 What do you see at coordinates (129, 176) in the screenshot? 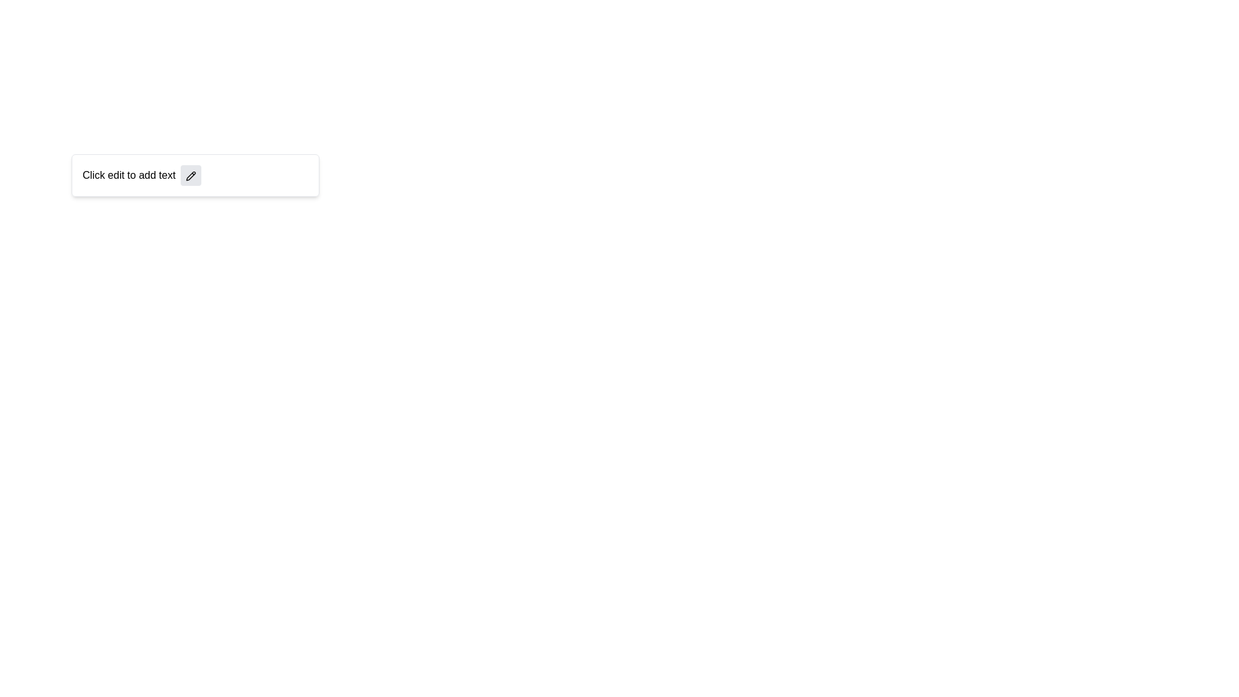
I see `the static text label that displays 'Click edit to add text', which is styled in black and located to the left of a pencil icon and a rectangular button` at bounding box center [129, 176].